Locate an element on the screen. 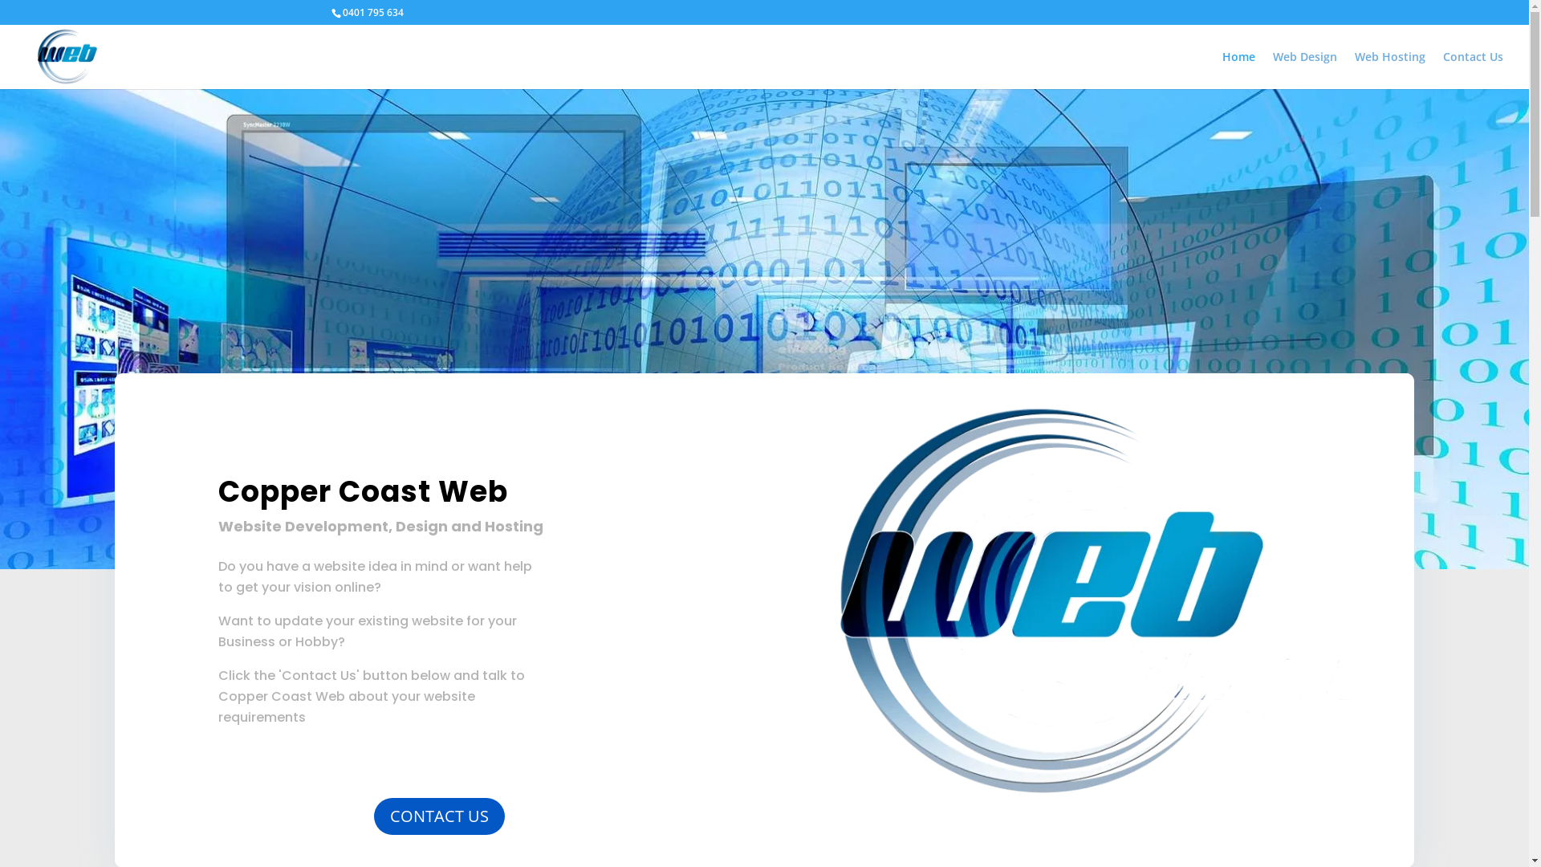 This screenshot has height=867, width=1541. 'Home' is located at coordinates (1238, 69).